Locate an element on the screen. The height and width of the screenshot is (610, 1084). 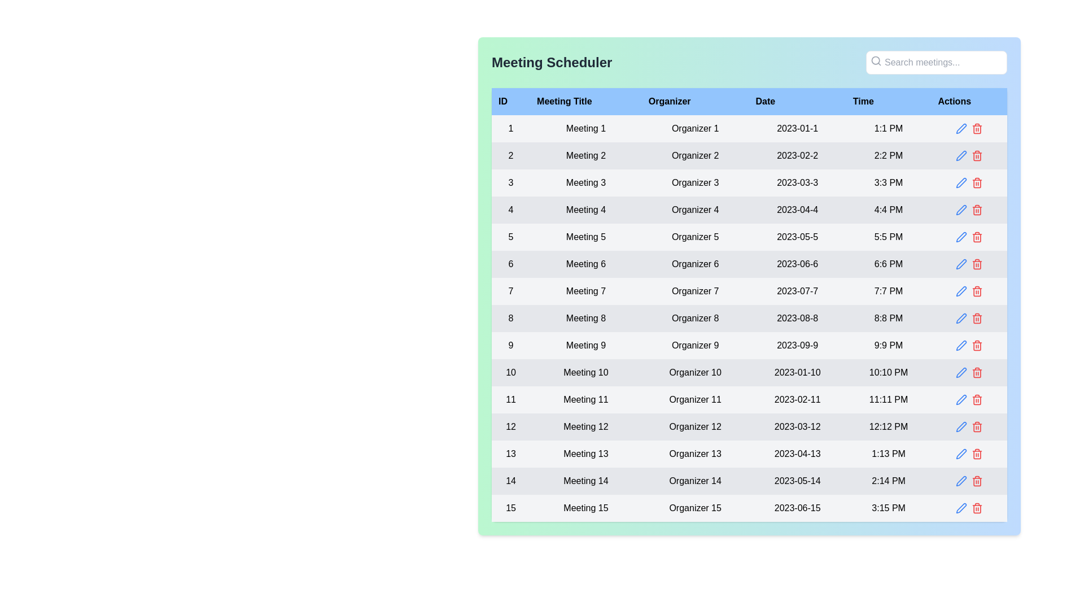
the text label displaying 'Meeting 2' in the 'Meeting Title' column of the table, which is centrally aligned and positioned in row ID 2 is located at coordinates (585, 156).